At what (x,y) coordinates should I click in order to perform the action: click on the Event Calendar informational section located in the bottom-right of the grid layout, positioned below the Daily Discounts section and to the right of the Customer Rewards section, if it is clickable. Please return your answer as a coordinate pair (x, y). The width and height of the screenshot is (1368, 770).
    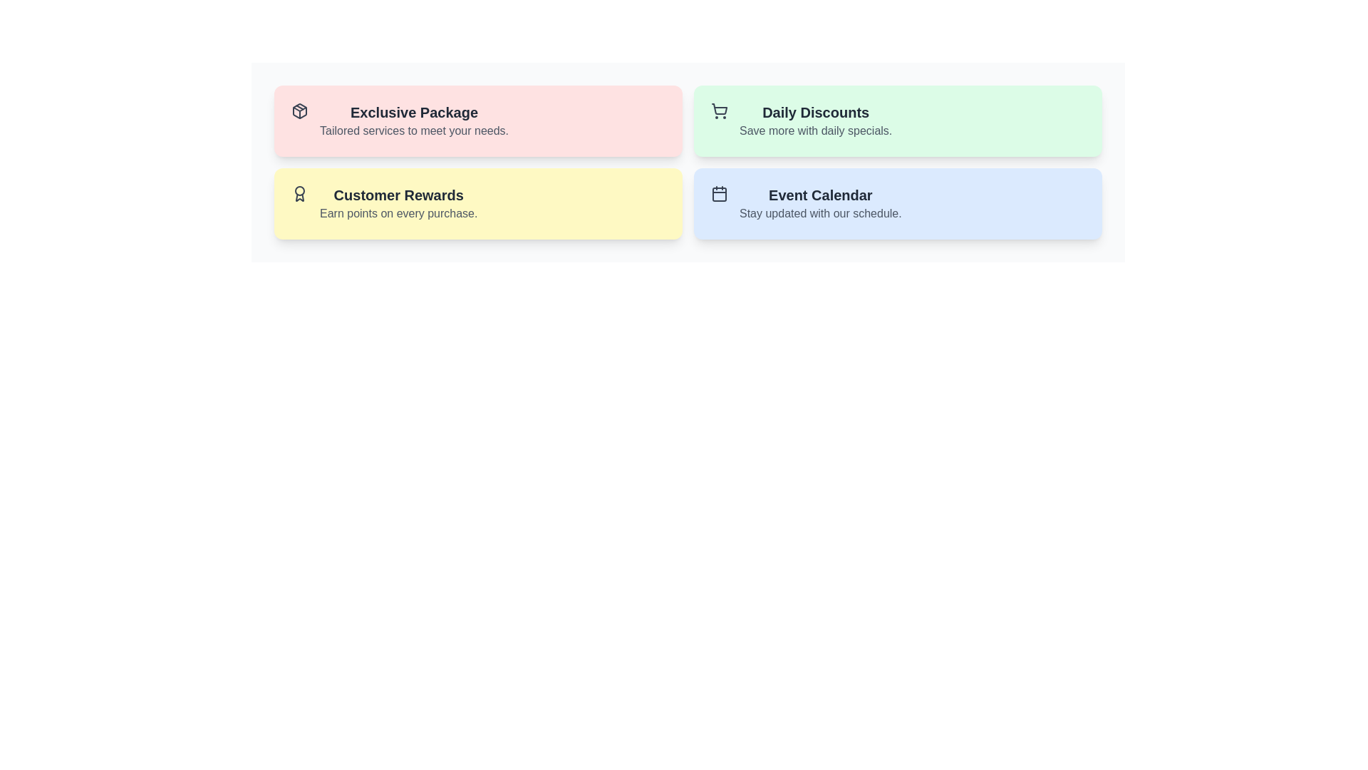
    Looking at the image, I should click on (897, 203).